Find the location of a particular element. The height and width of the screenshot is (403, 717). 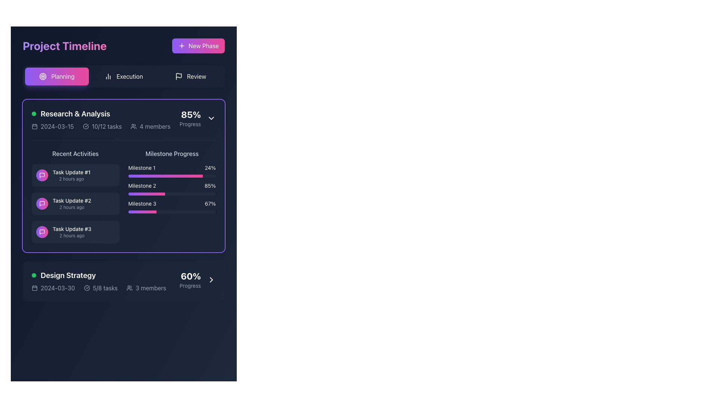

the Text Label displaying '85%' that indicates progress percentage, located at the top-right of the 'Research & Analysis' card is located at coordinates (191, 115).